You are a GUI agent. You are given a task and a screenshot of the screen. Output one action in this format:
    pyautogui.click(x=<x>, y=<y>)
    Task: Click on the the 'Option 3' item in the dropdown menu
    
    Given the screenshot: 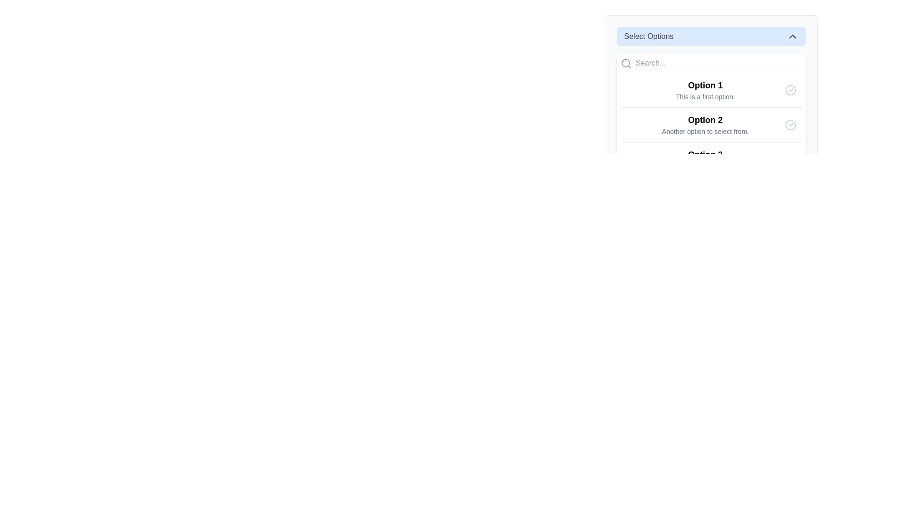 What is the action you would take?
    pyautogui.click(x=711, y=159)
    